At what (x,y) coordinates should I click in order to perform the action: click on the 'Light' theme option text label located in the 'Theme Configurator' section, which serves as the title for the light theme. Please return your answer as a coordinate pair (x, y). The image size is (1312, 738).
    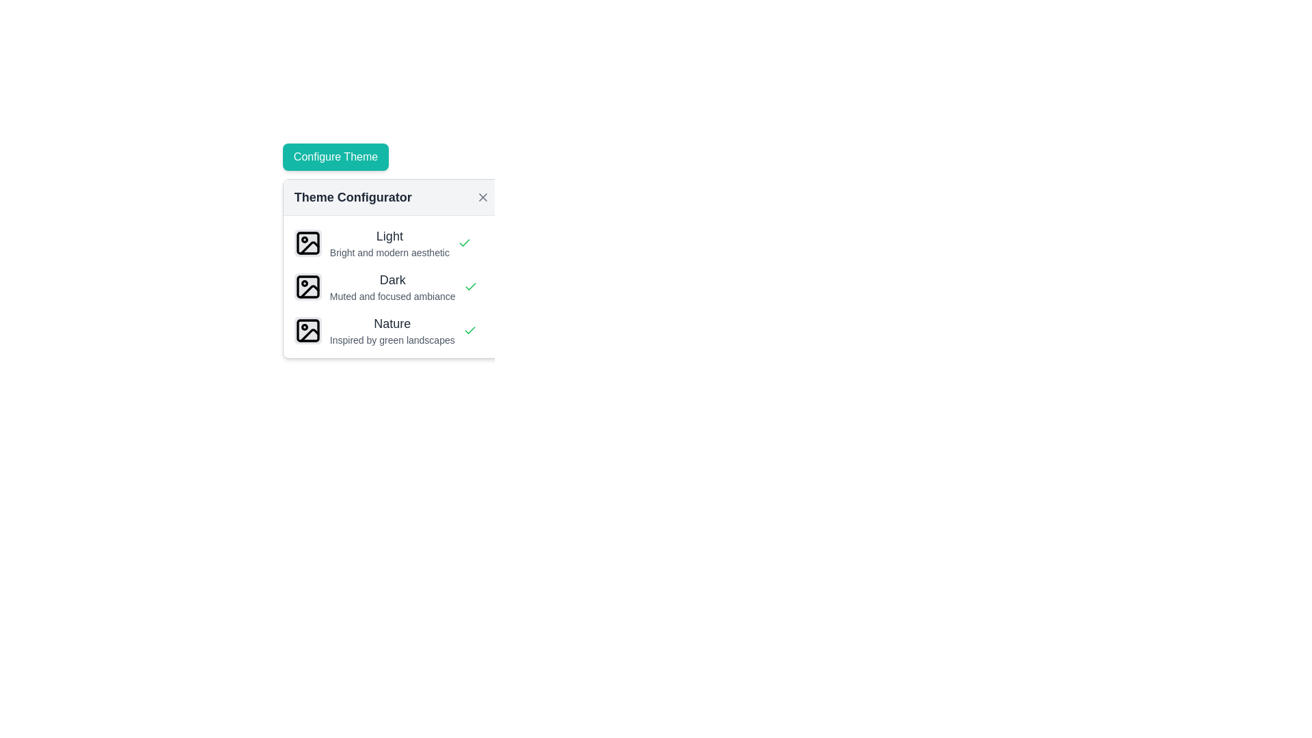
    Looking at the image, I should click on (389, 236).